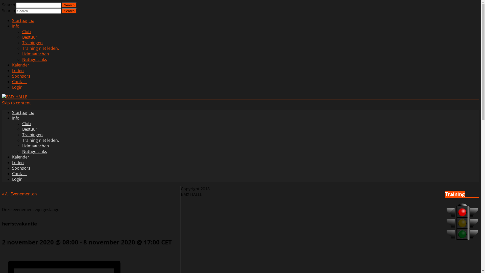  I want to click on 'Trainingen', so click(32, 134).